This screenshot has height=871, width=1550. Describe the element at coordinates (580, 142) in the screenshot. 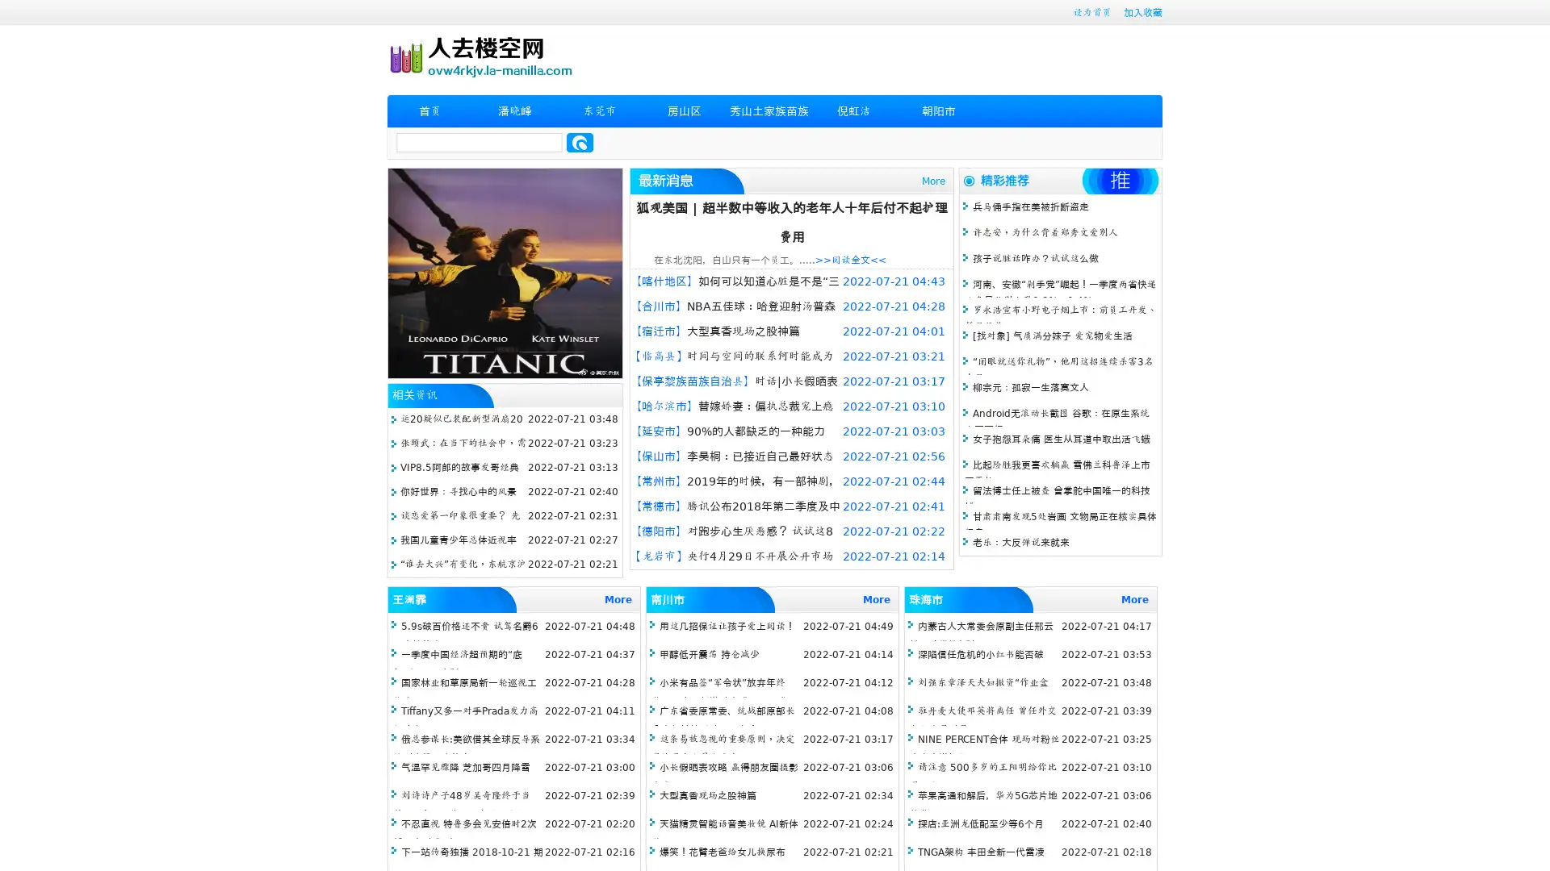

I see `Search` at that location.